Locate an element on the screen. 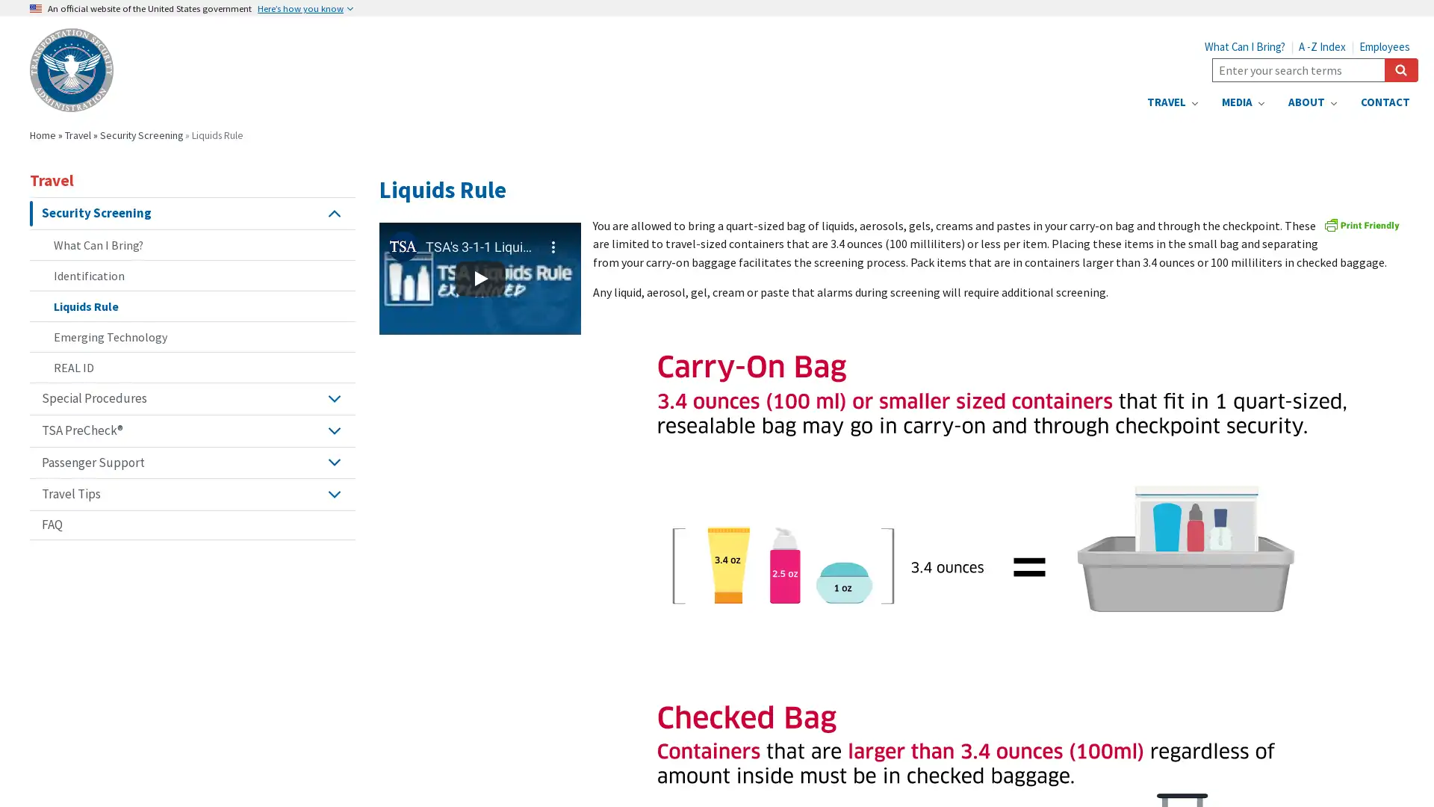 This screenshot has height=807, width=1434. Heres how you know is located at coordinates (304, 8).